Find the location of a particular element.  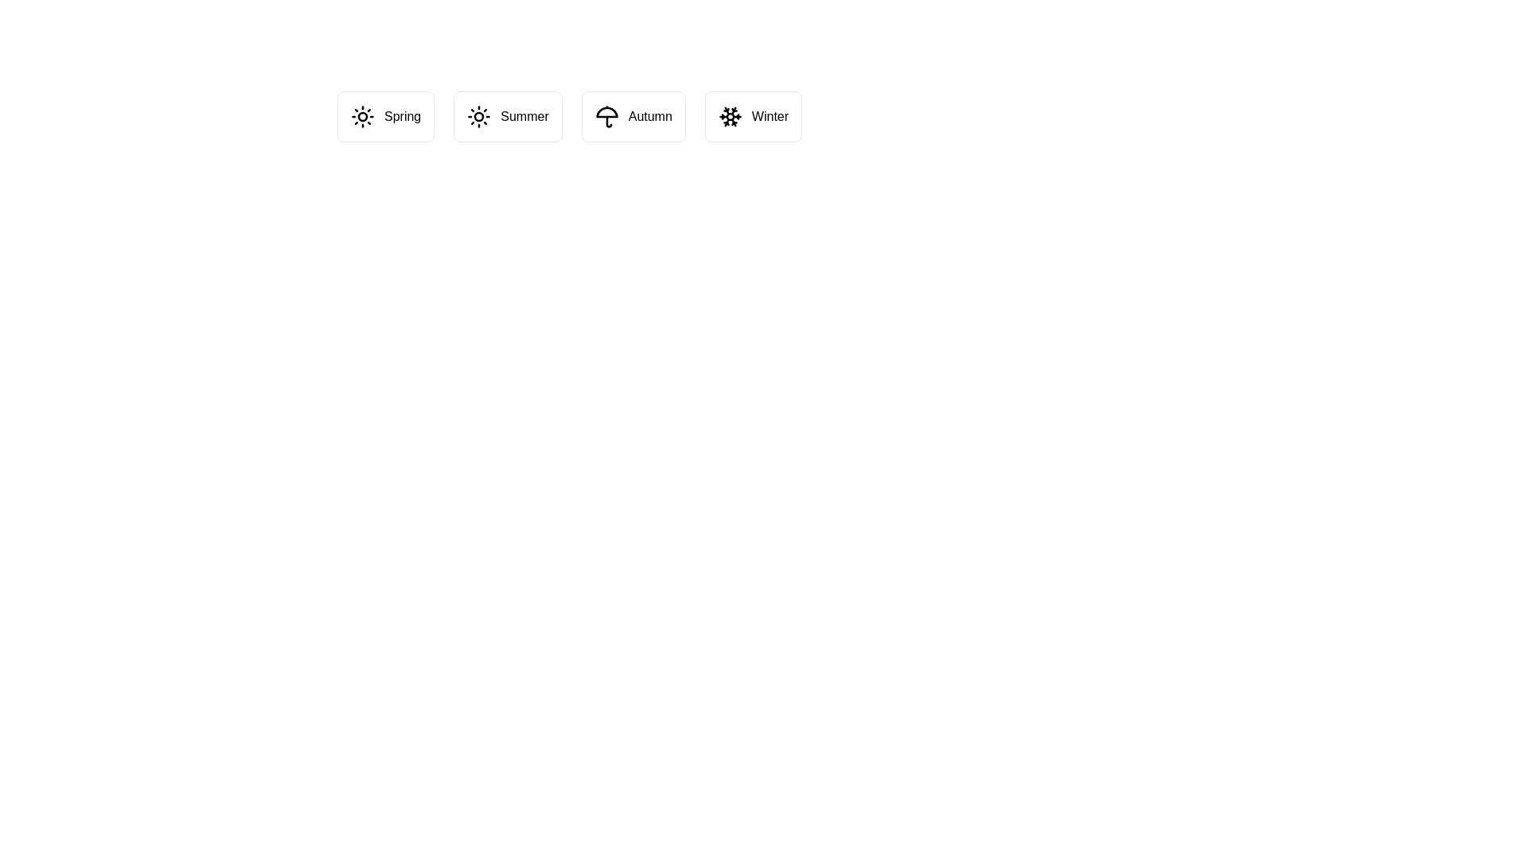

the icon representing the 'Spring' season located at the center-left part of the card labeled 'Spring' is located at coordinates (362, 115).